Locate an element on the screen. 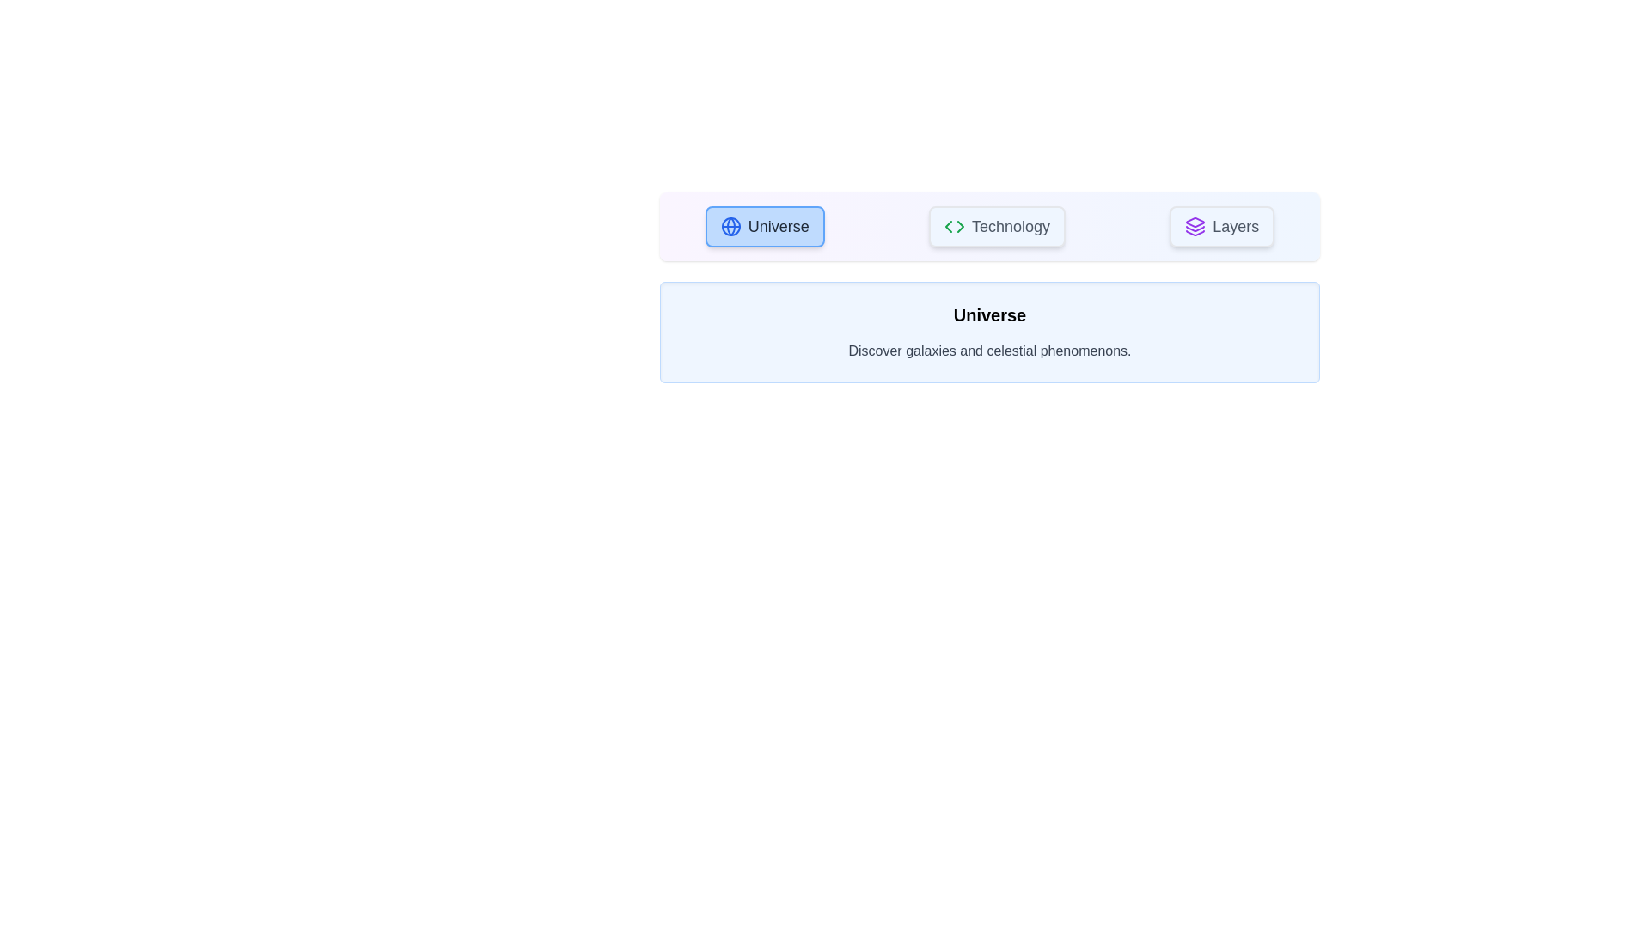  the Universe tab to view its content is located at coordinates (763, 225).